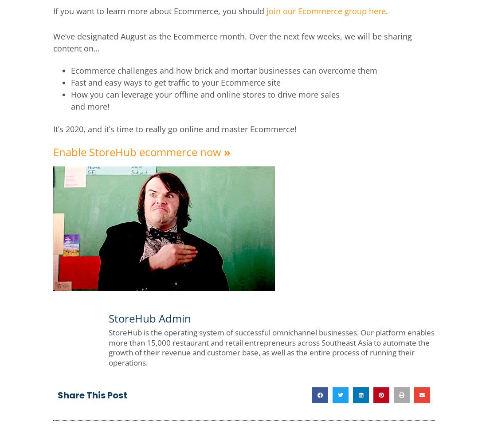 The width and height of the screenshot is (490, 433). I want to click on 'Fast and easy ways to get traffic to your Ecommerce site', so click(176, 81).